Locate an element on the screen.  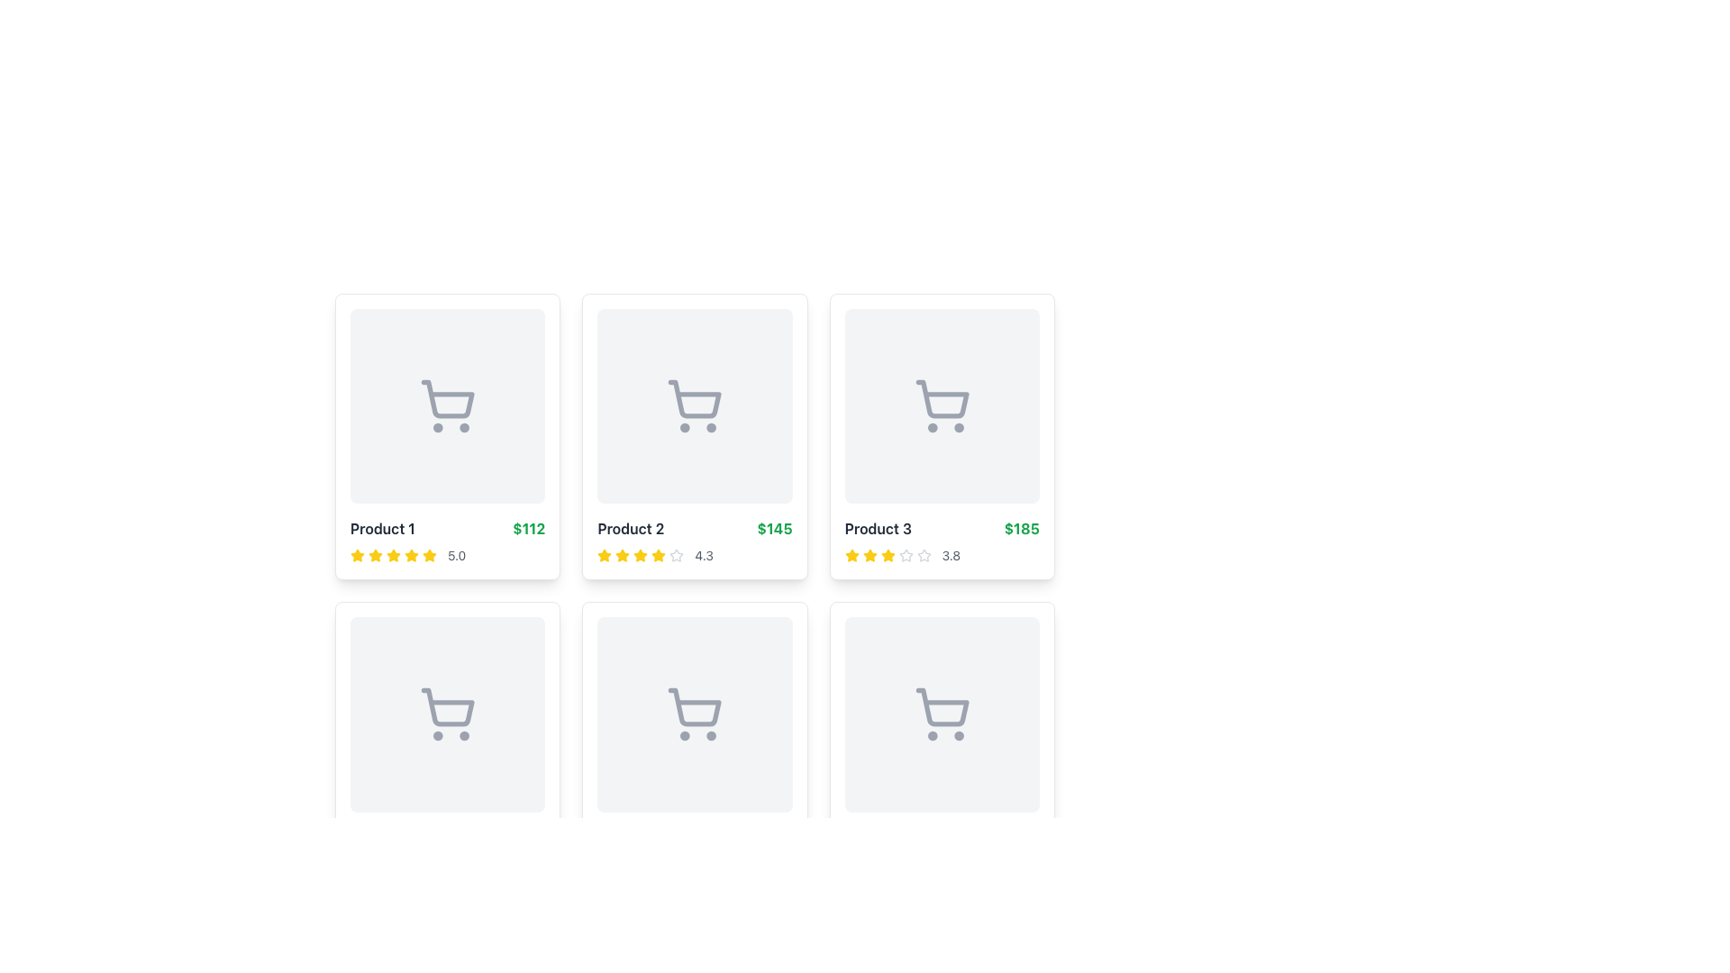
the fifth star icon in the rating component below the 'Product 3' card, which is outlined in light gray is located at coordinates (906, 555).